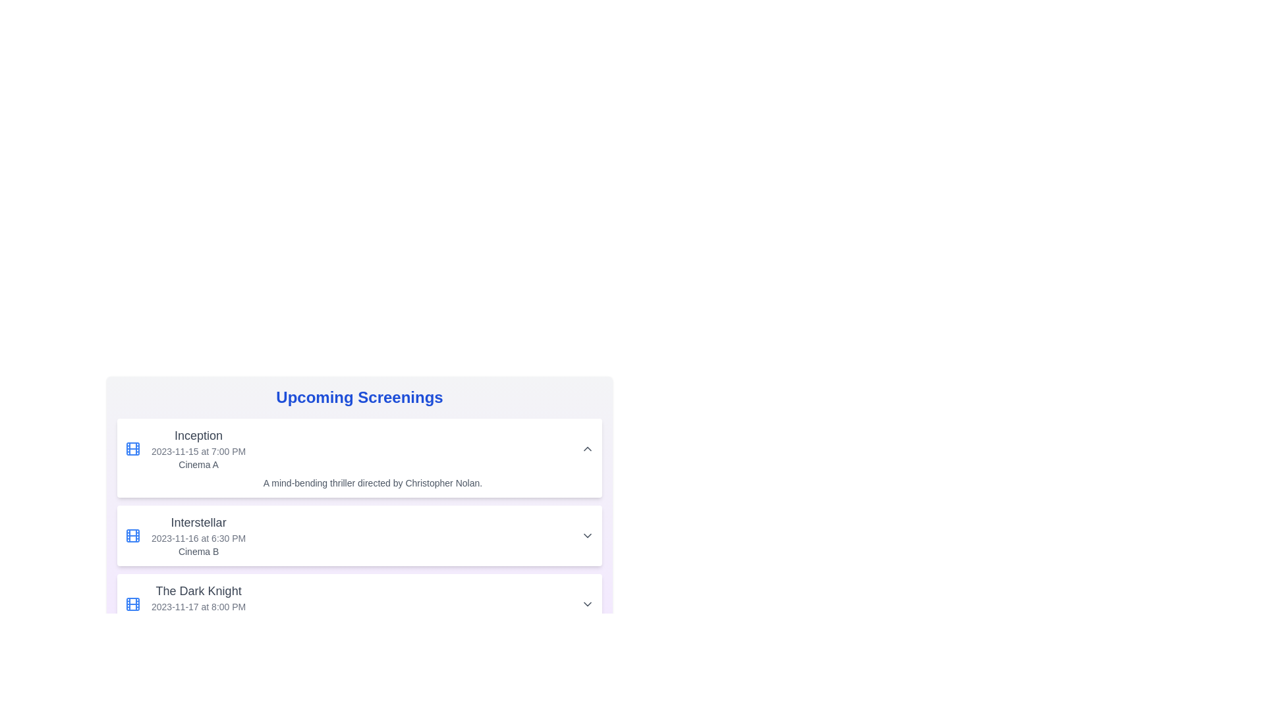 The height and width of the screenshot is (711, 1265). I want to click on the stylized film reel icon located to the left of the text 'The Dark Knight 2023-11-17 at 8:00 PM Cinema C' for visual identification, so click(132, 604).